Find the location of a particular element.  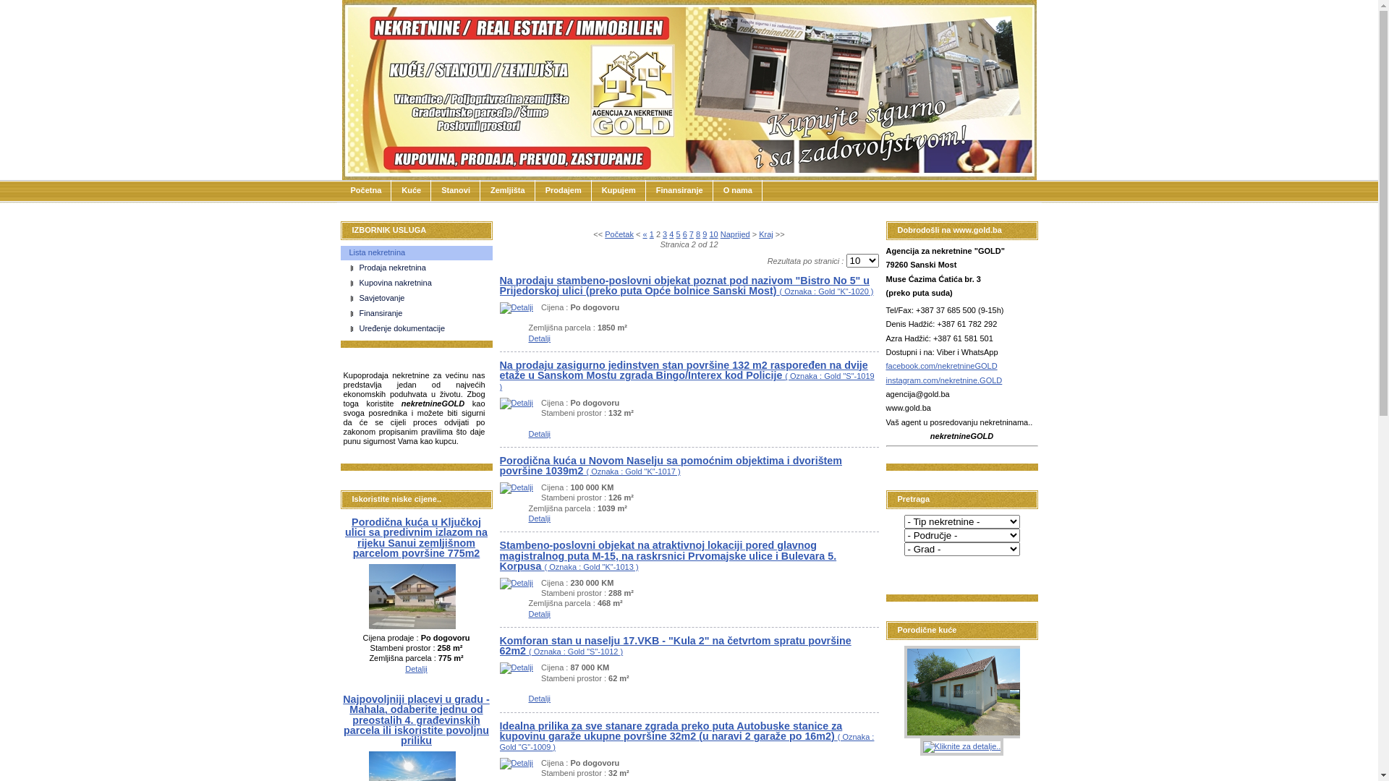

'5' is located at coordinates (676, 234).